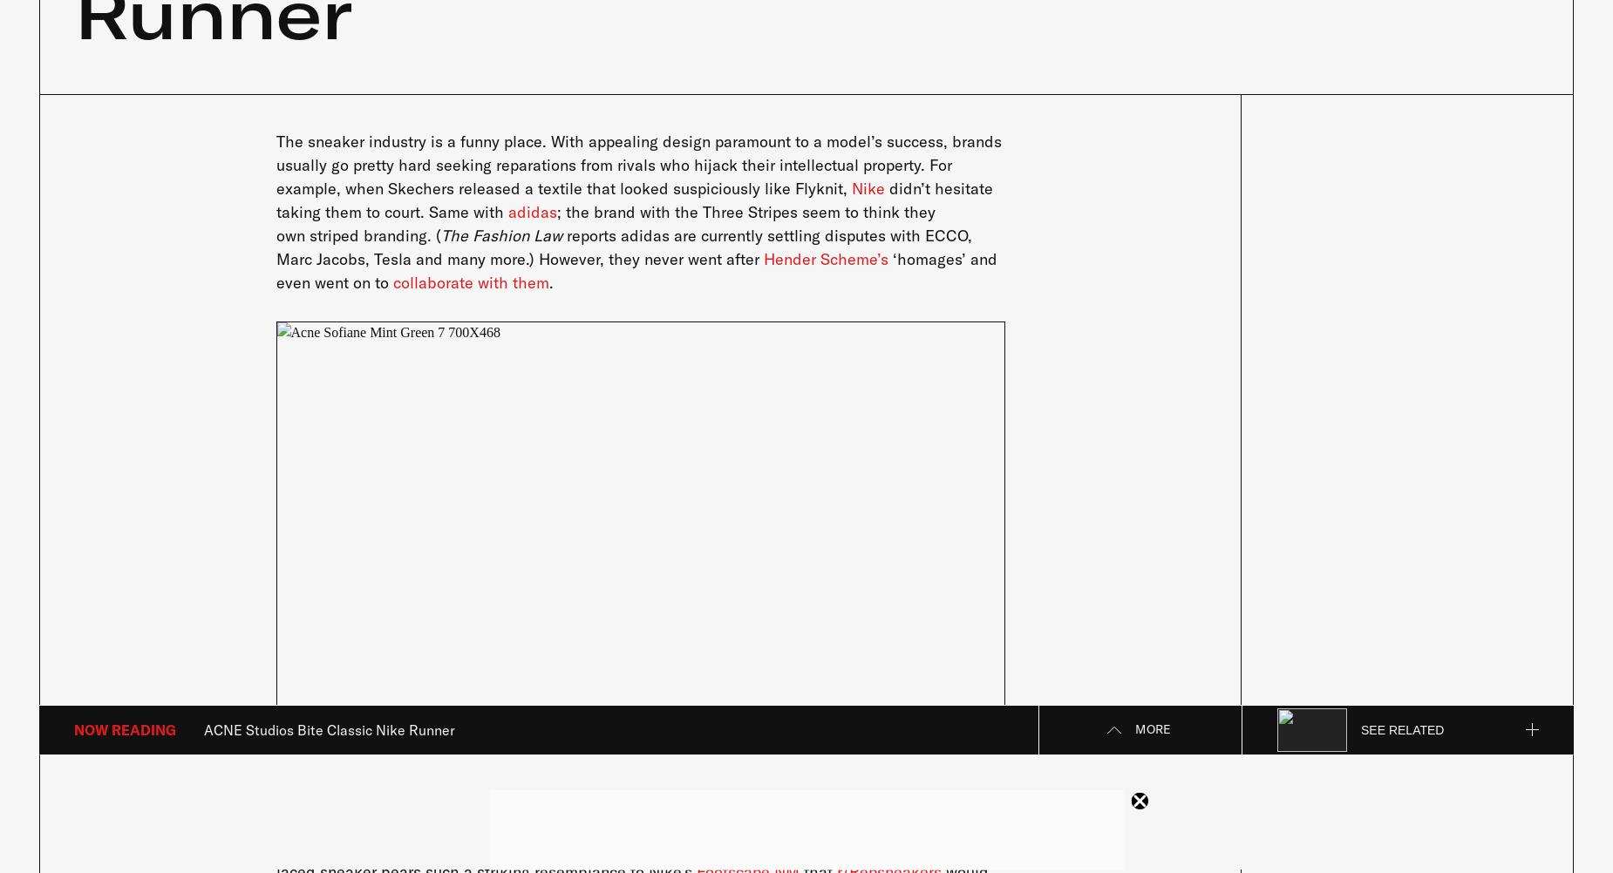  Describe the element at coordinates (604, 222) in the screenshot. I see `'; the brand with the Three Stripes seem to think they own striped branding. ('` at that location.